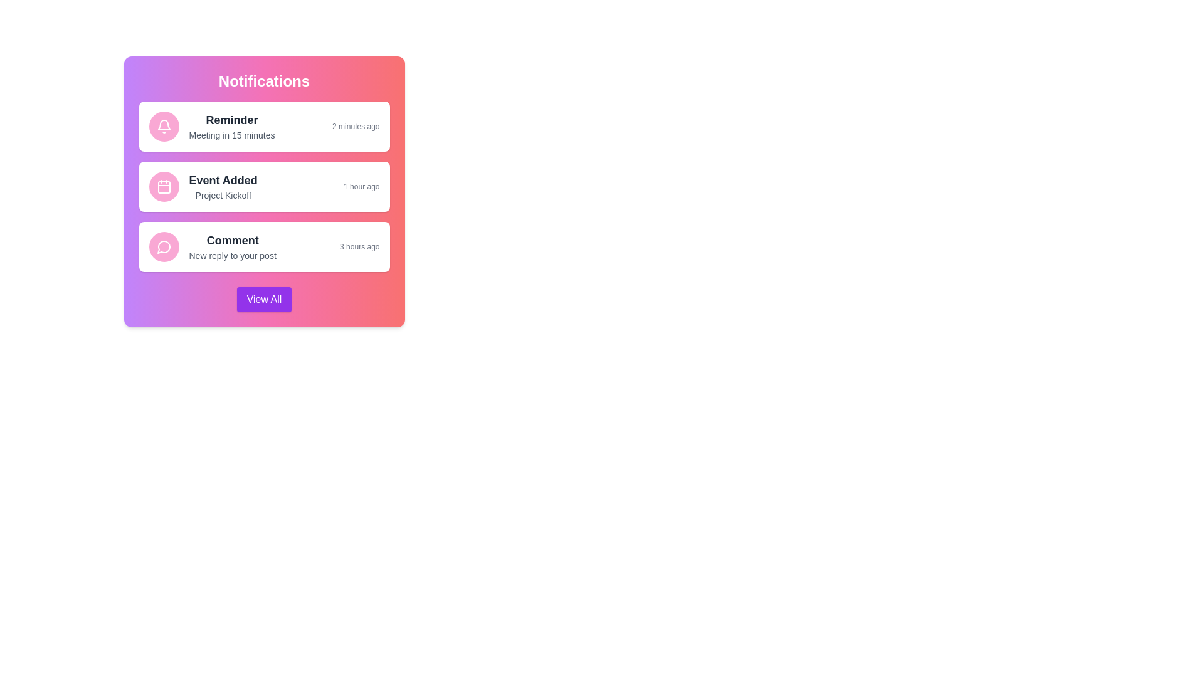 This screenshot has width=1204, height=677. I want to click on the notification item corresponding to Comment to highlight it, so click(263, 246).